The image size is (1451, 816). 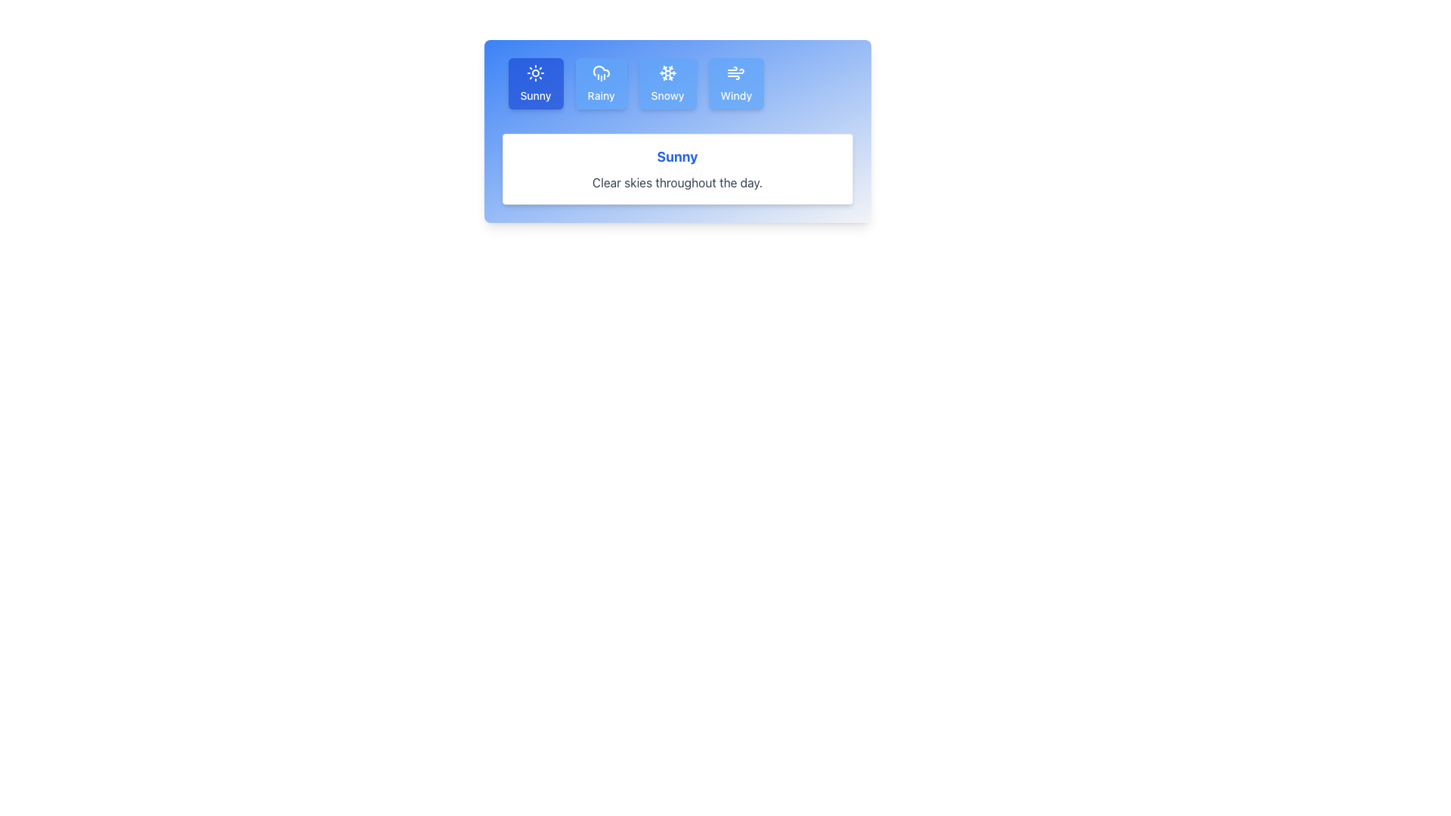 What do you see at coordinates (667, 84) in the screenshot?
I see `keyboard navigation` at bounding box center [667, 84].